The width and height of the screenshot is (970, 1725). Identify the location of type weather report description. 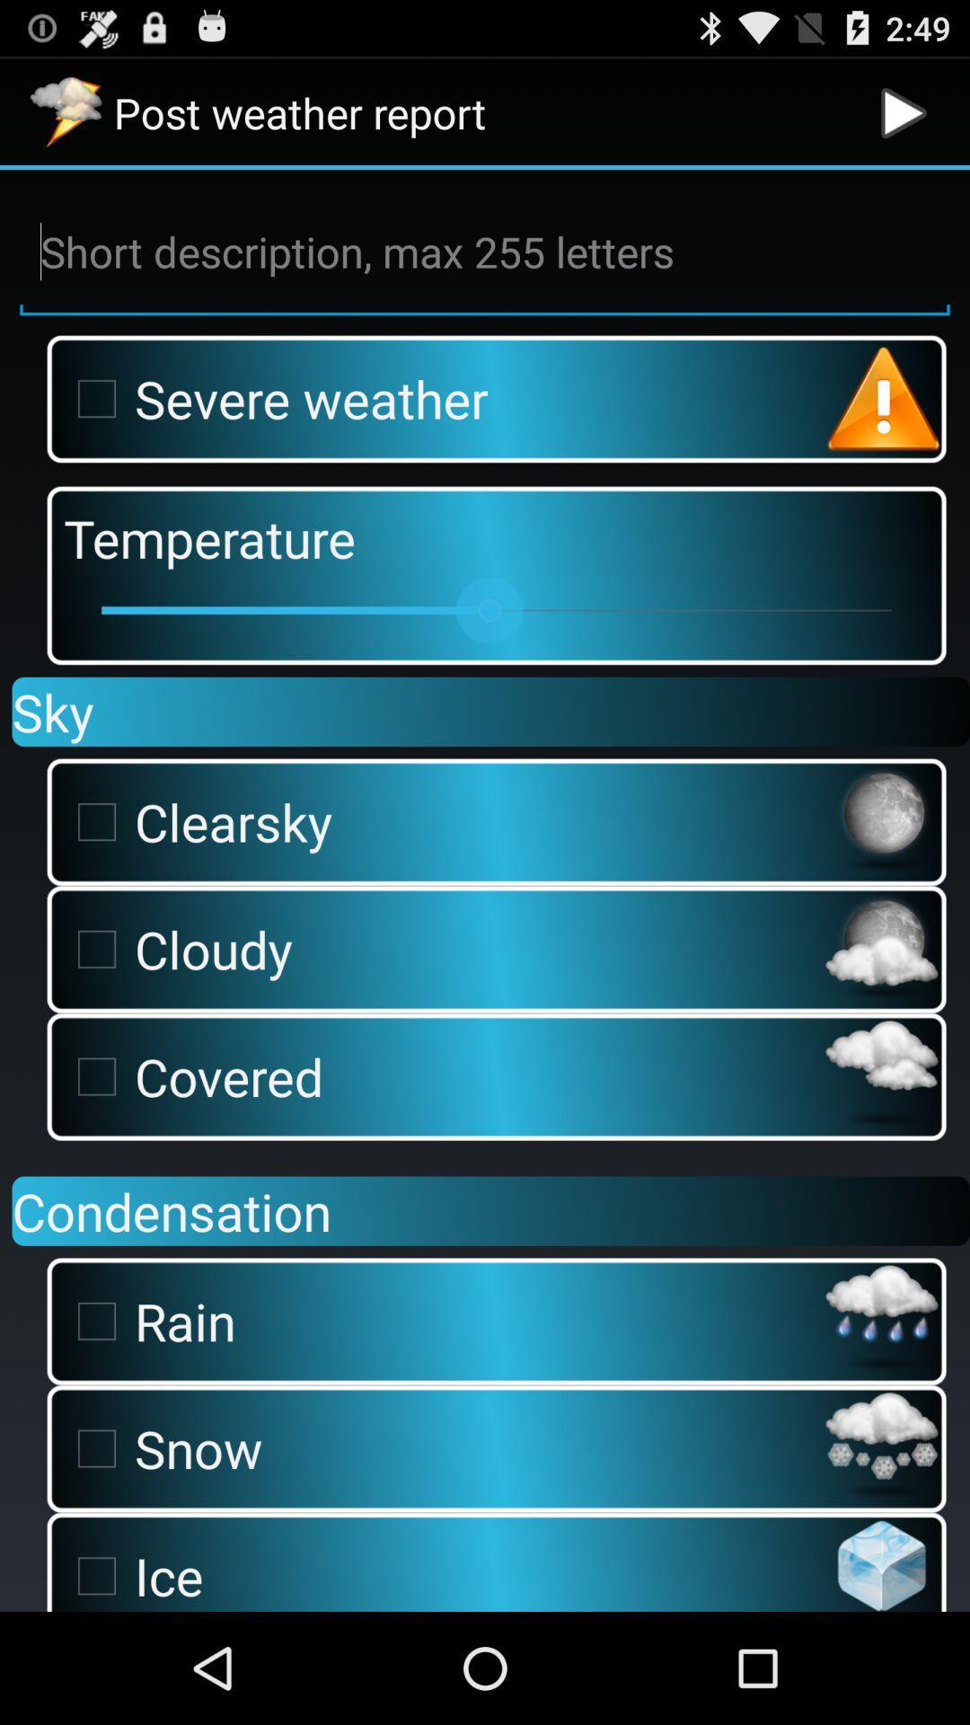
(485, 252).